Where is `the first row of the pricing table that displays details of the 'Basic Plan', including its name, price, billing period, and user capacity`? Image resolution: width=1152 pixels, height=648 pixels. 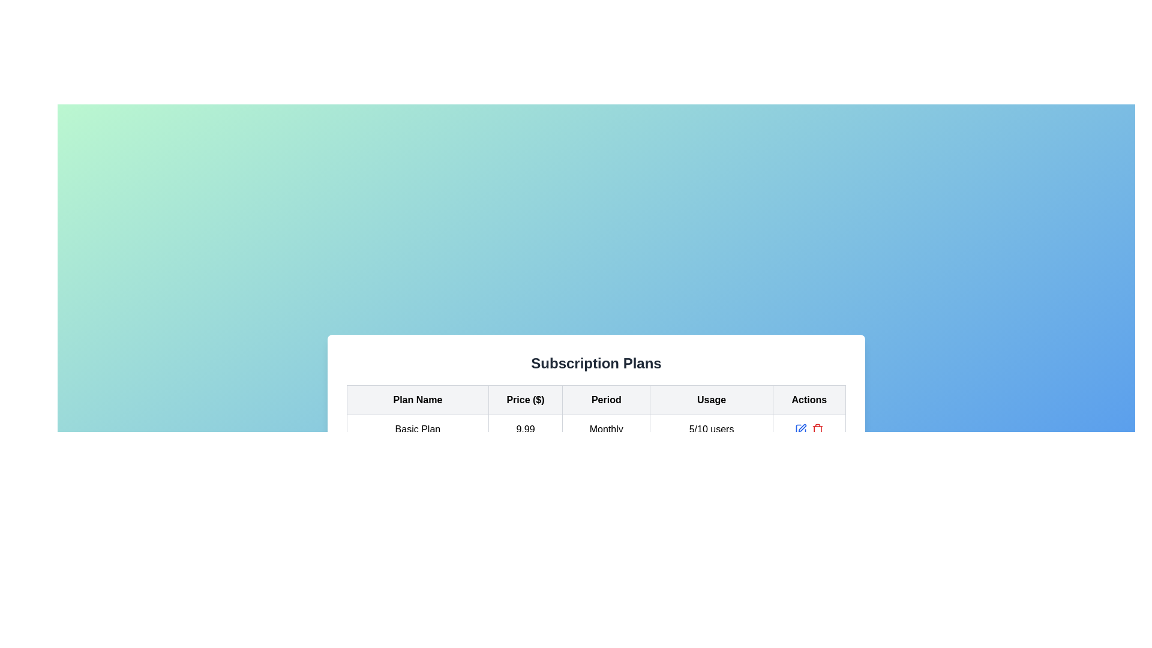
the first row of the pricing table that displays details of the 'Basic Plan', including its name, price, billing period, and user capacity is located at coordinates (596, 428).